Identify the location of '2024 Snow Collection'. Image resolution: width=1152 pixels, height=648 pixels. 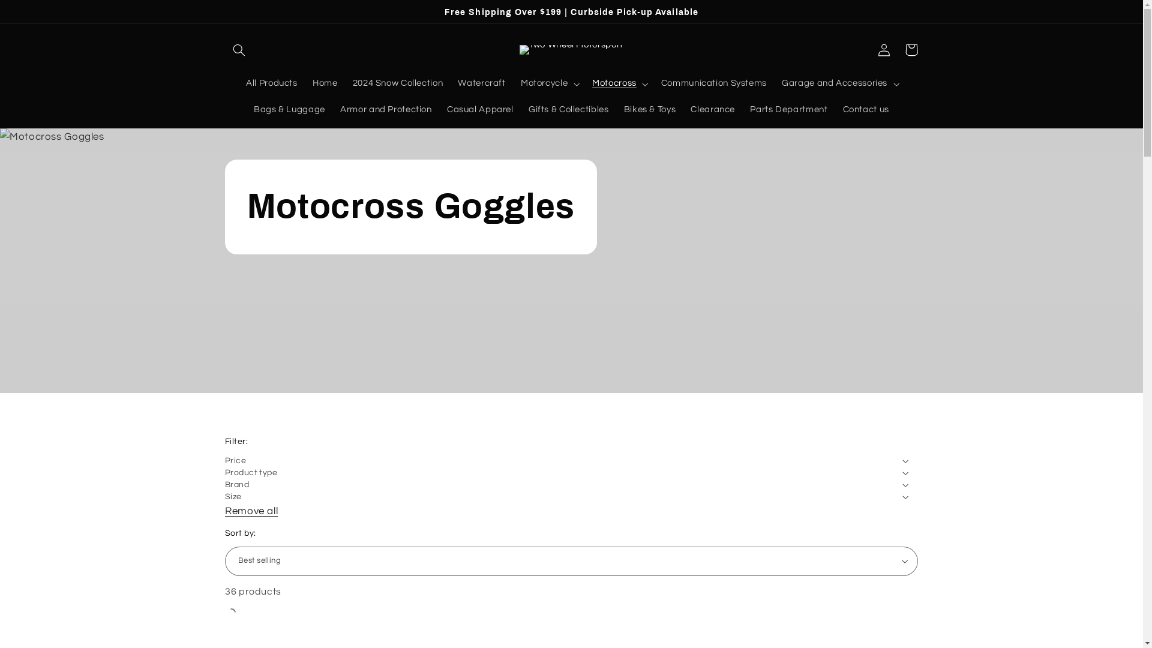
(397, 83).